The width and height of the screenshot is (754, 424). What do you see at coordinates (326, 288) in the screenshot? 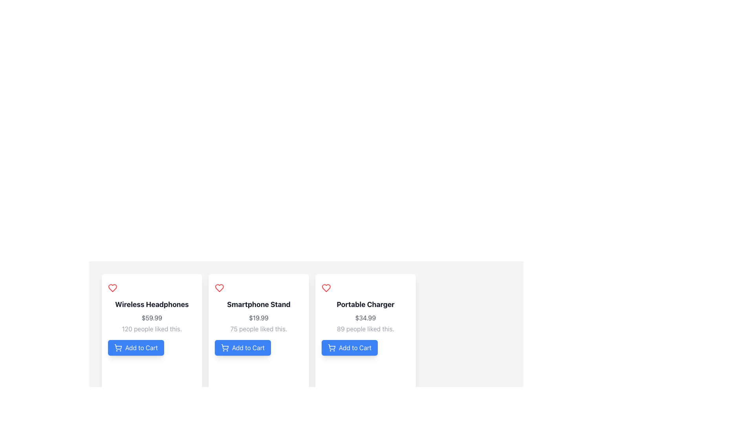
I see `the favorite or like button located at the top-left corner of the card for the 'Portable Charger' product, which is the third card in a horizontally arranged grid of product cards` at bounding box center [326, 288].